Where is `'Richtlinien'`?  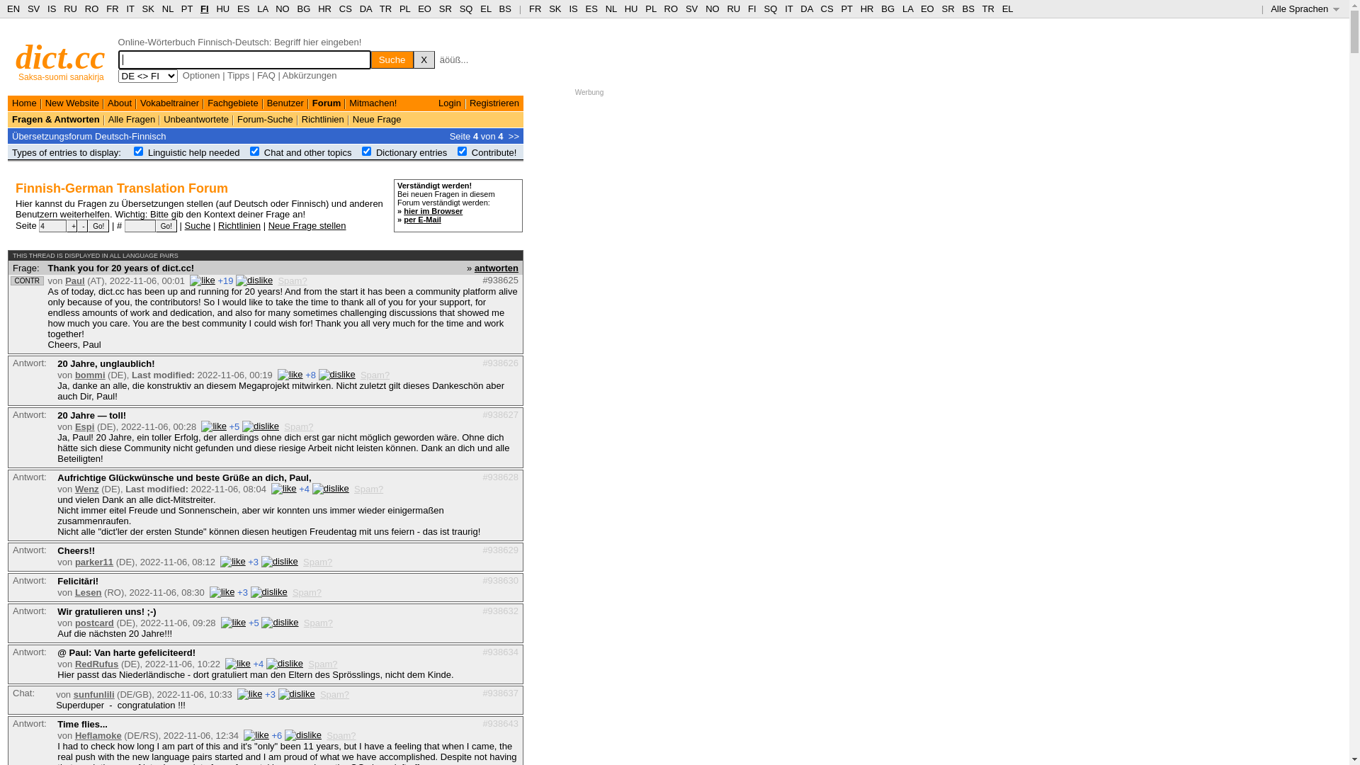
'Richtlinien' is located at coordinates (217, 224).